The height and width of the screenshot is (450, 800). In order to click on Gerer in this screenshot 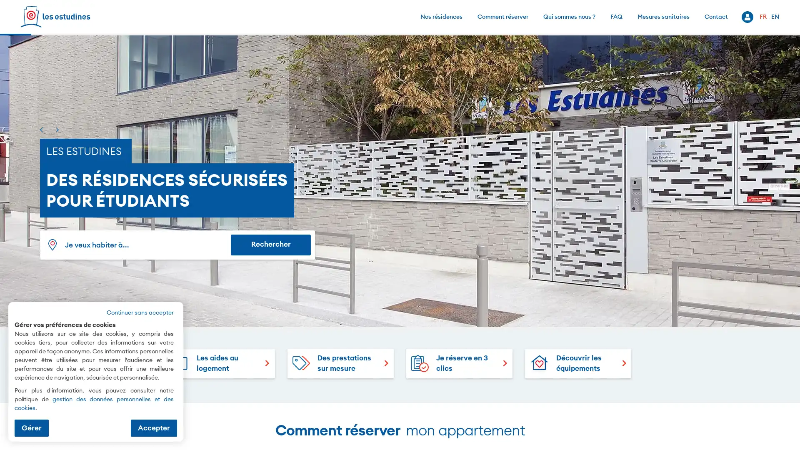, I will do `click(32, 427)`.